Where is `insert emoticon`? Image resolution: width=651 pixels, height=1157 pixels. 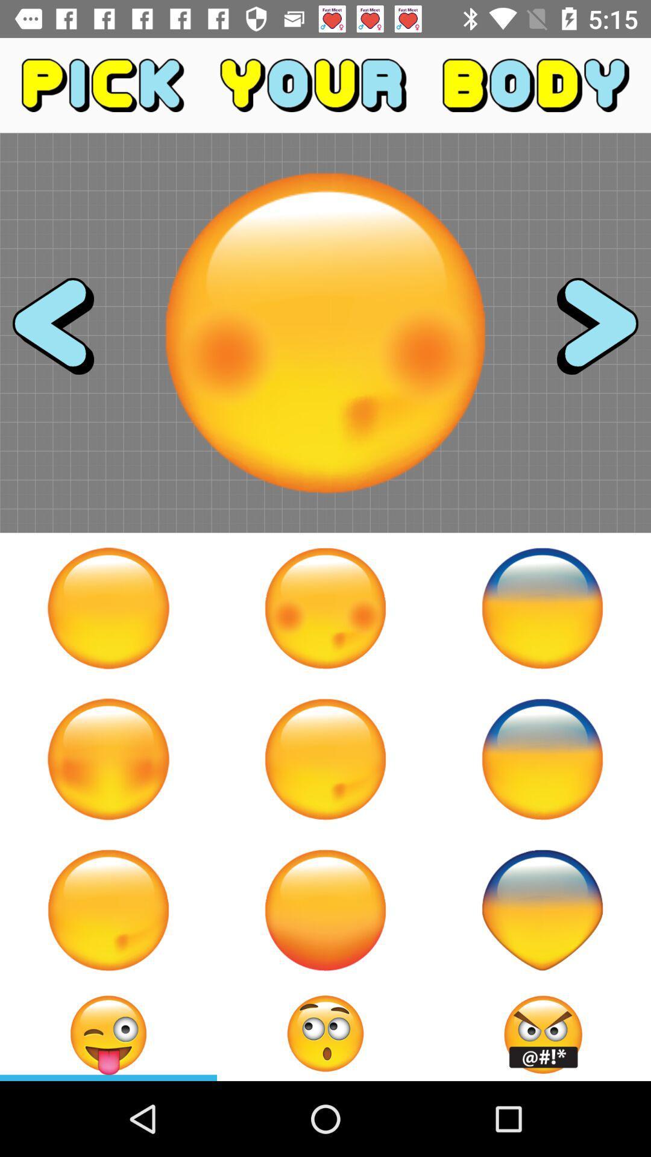
insert emoticon is located at coordinates (108, 1033).